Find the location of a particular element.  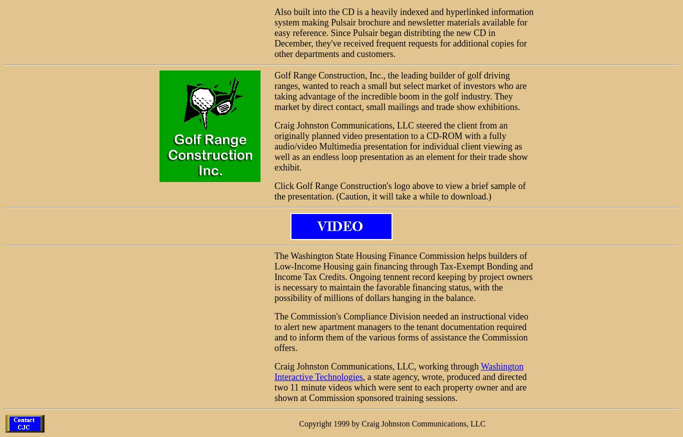

'Click Golf Range Construction's logo above to view a brief sample of the
    presentation. (Caution, it will take a while to download.)' is located at coordinates (399, 191).